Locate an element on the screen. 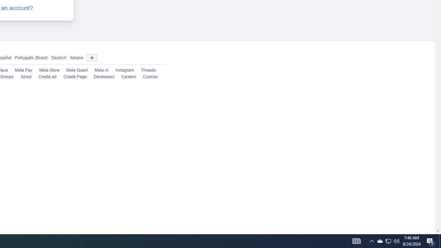  'Deutsch' is located at coordinates (59, 57).